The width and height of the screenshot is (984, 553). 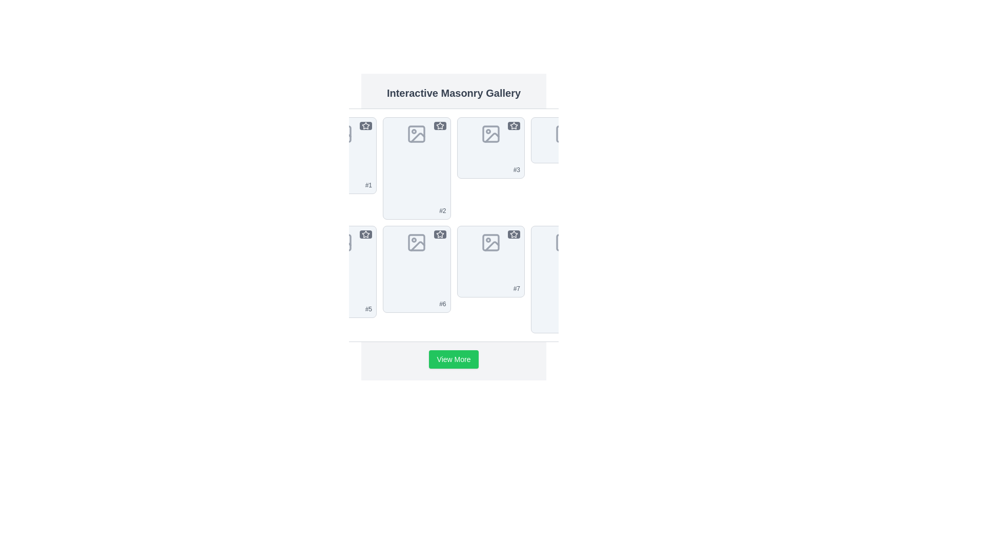 What do you see at coordinates (440, 125) in the screenshot?
I see `the star icon located in the top-right corner of box '#2' in the 'Interactive Masonry Gallery' to mark it as a favorite` at bounding box center [440, 125].